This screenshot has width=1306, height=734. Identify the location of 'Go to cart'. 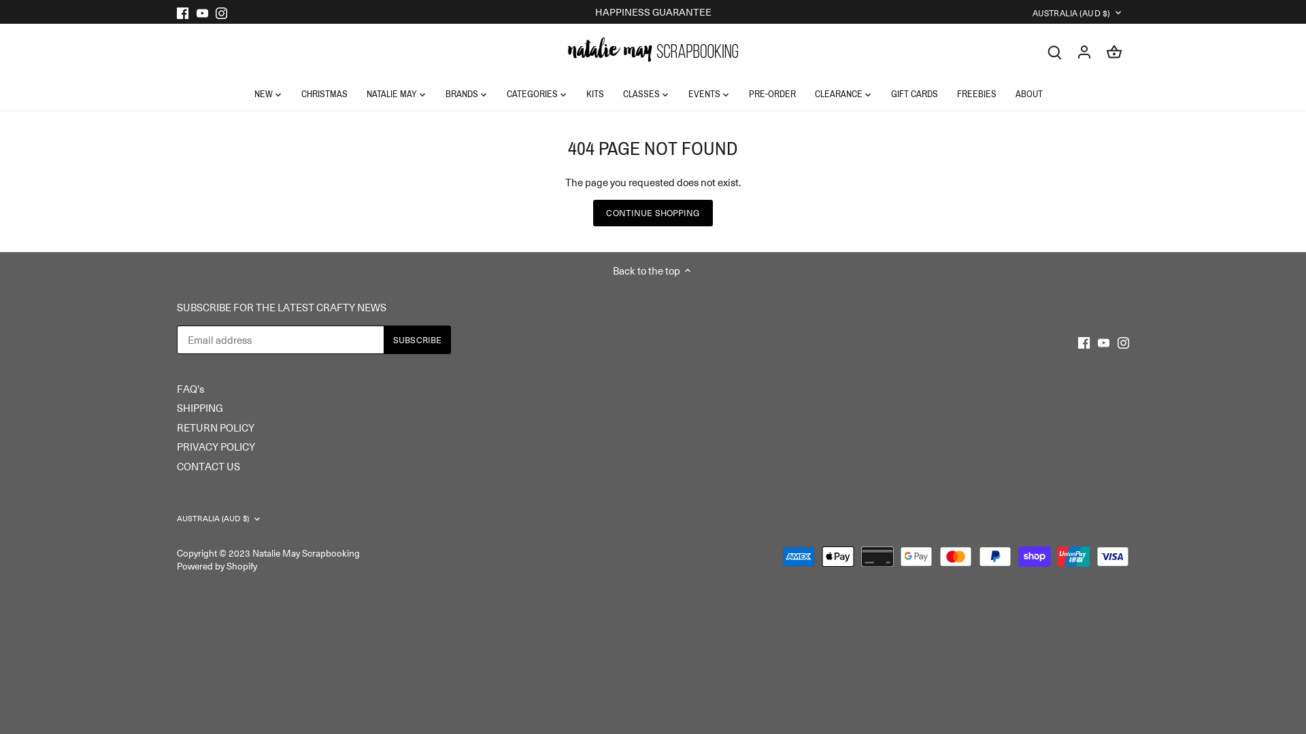
(1114, 50).